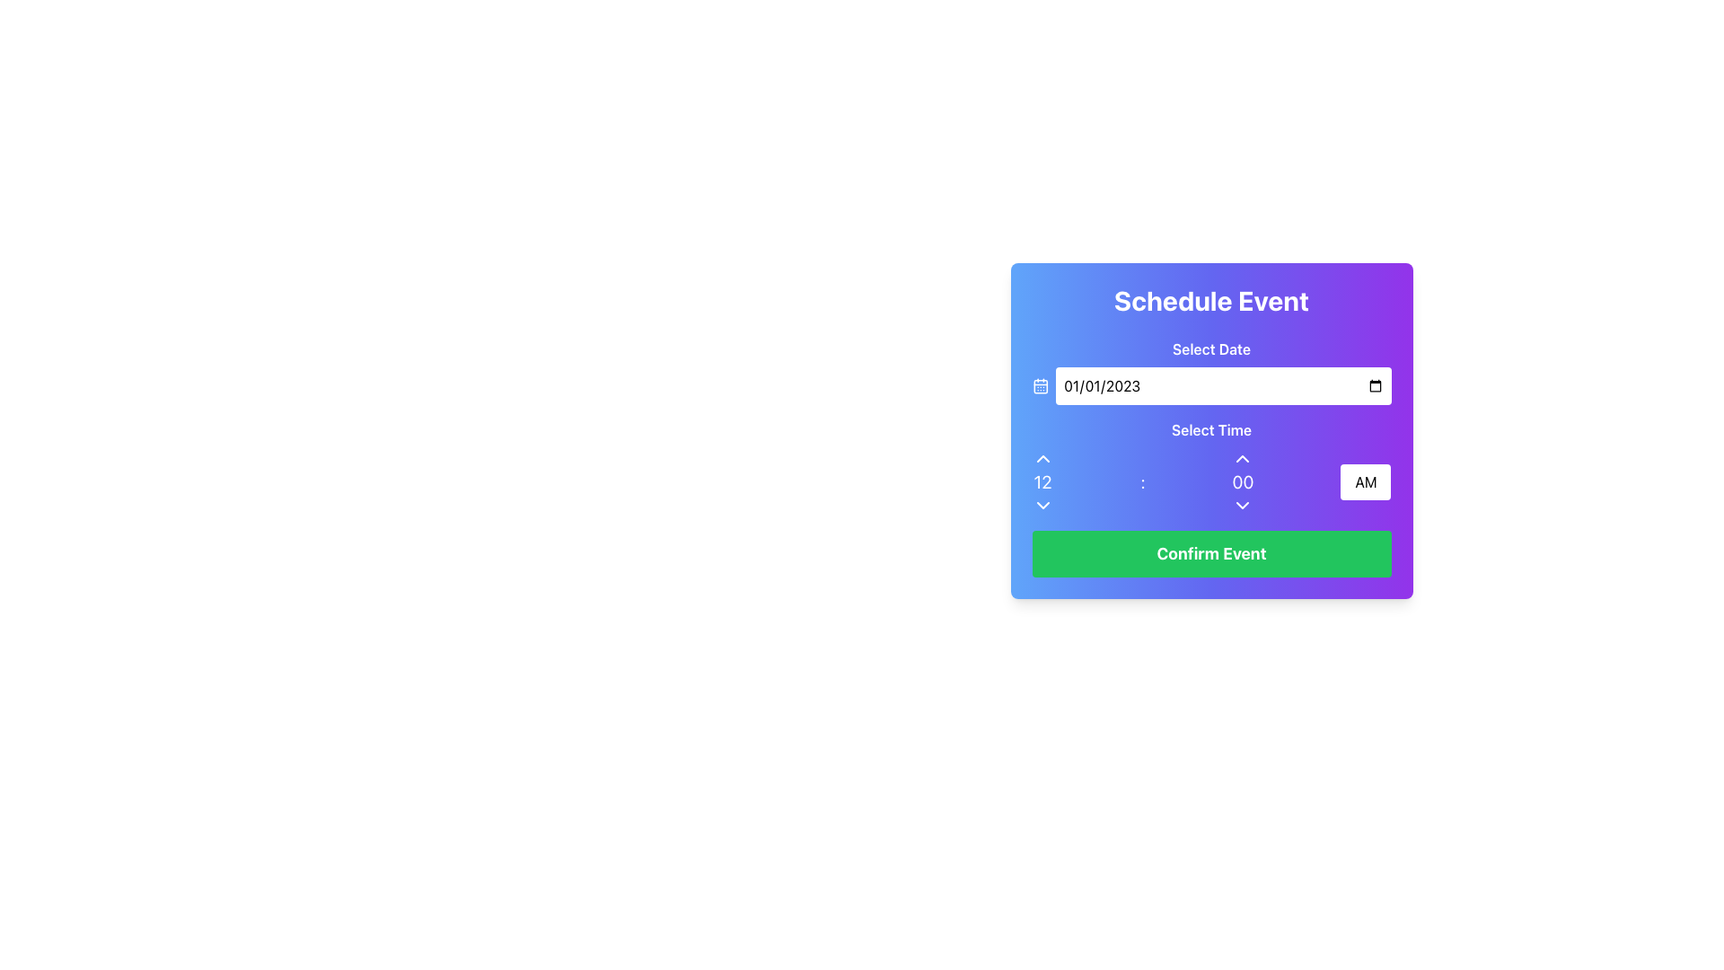 This screenshot has height=970, width=1724. I want to click on the upward arrow of the Time input selector for minutes to increment the minutes value, so click(1242, 481).